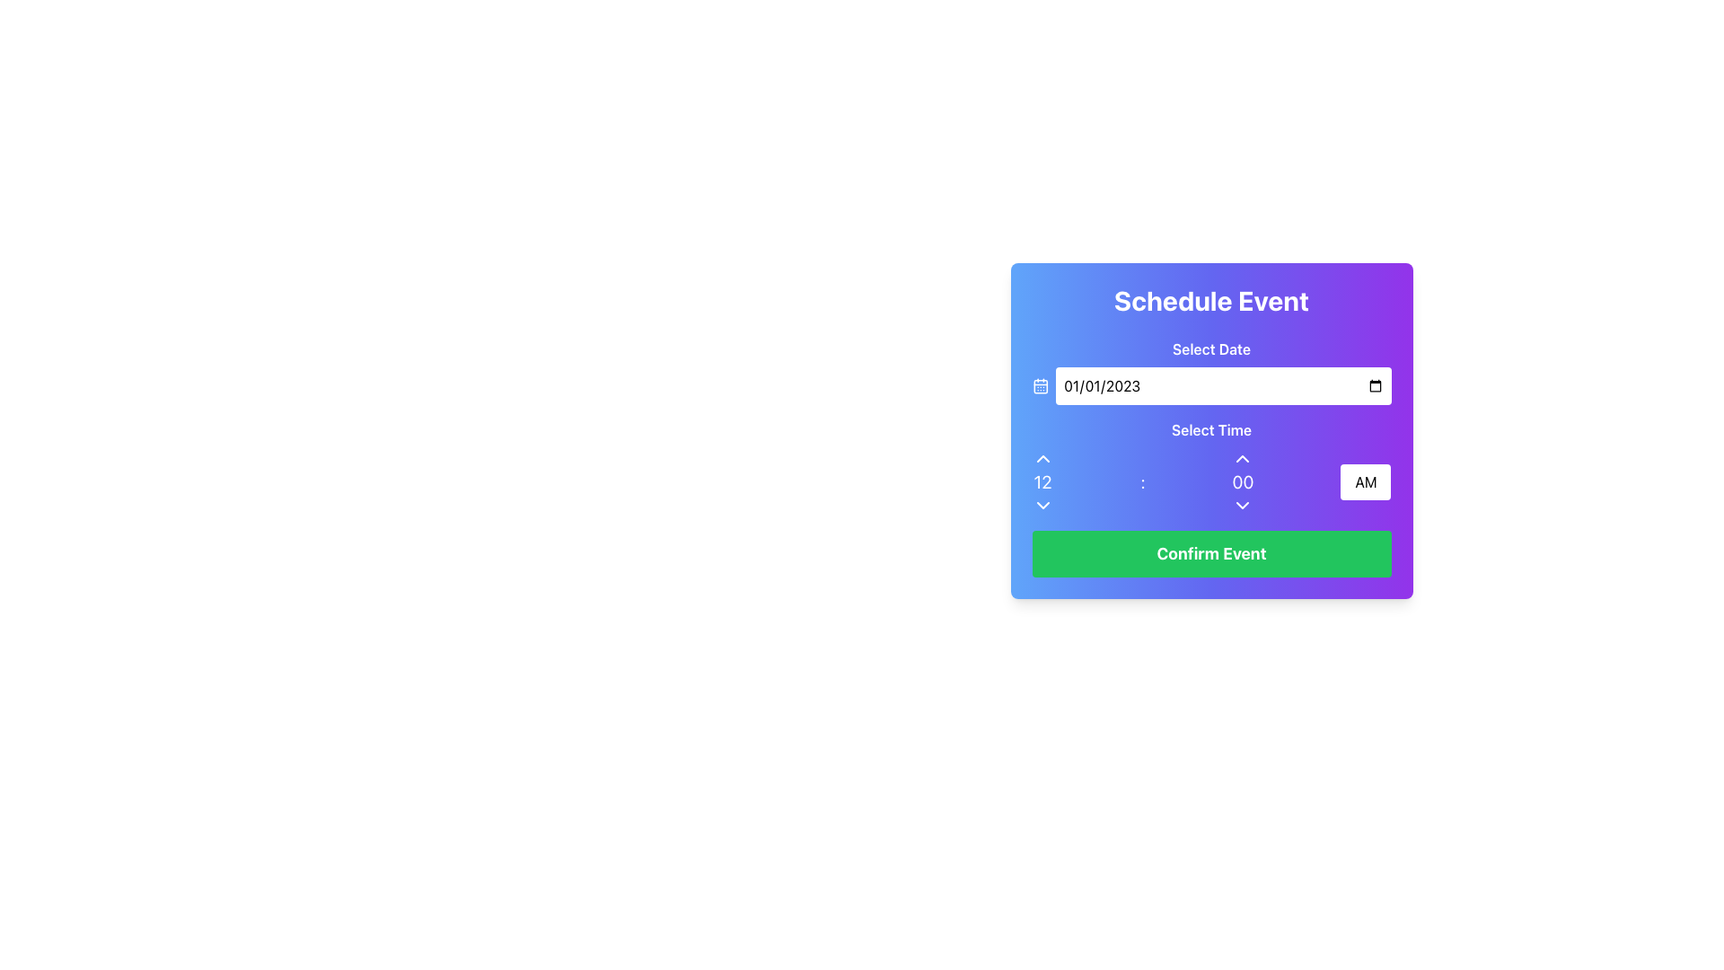 This screenshot has height=970, width=1724. I want to click on the upward arrow of the Time input selector for minutes to increment the minutes value, so click(1242, 481).